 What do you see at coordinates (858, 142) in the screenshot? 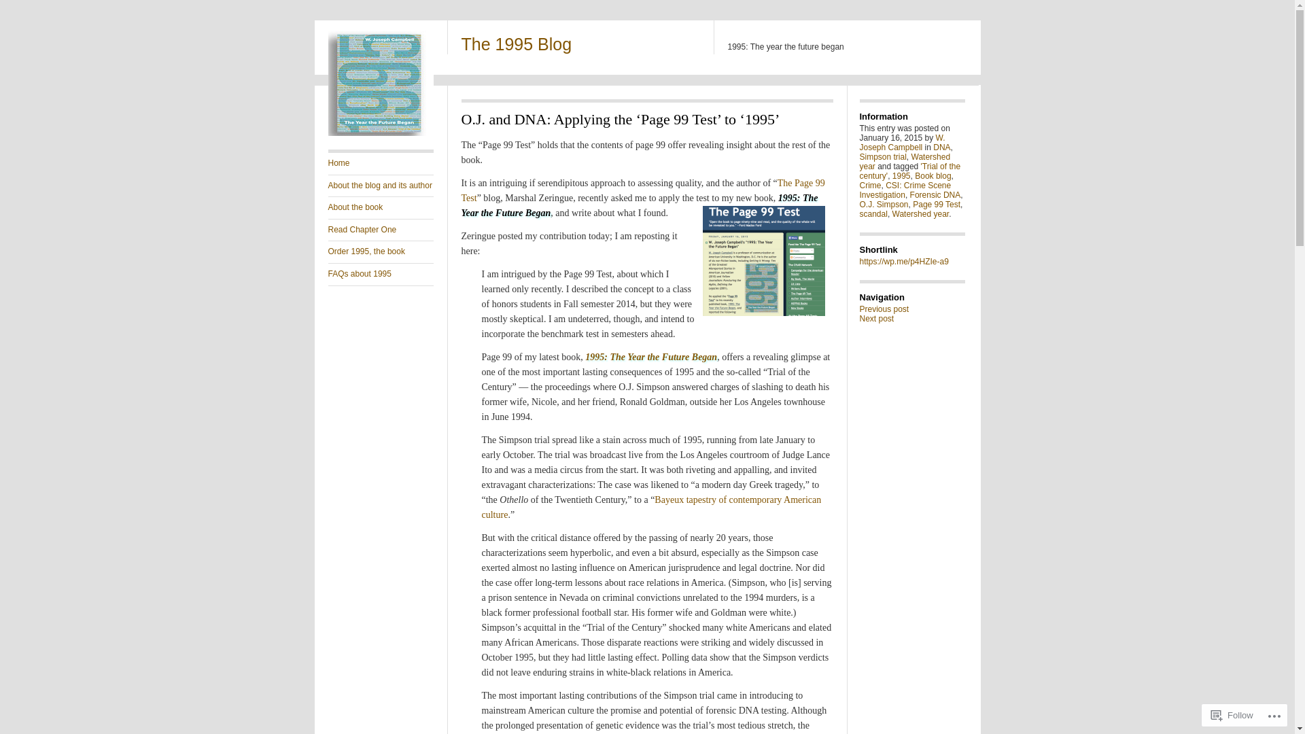
I see `'W. Joseph Campbell'` at bounding box center [858, 142].